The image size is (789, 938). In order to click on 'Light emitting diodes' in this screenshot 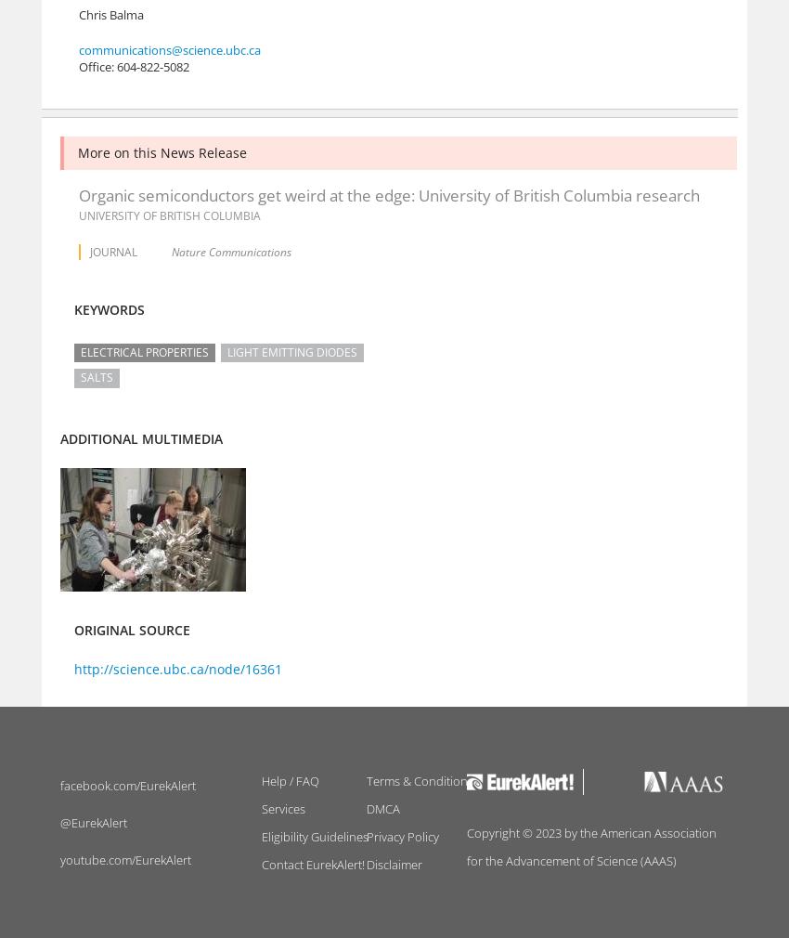, I will do `click(292, 351)`.